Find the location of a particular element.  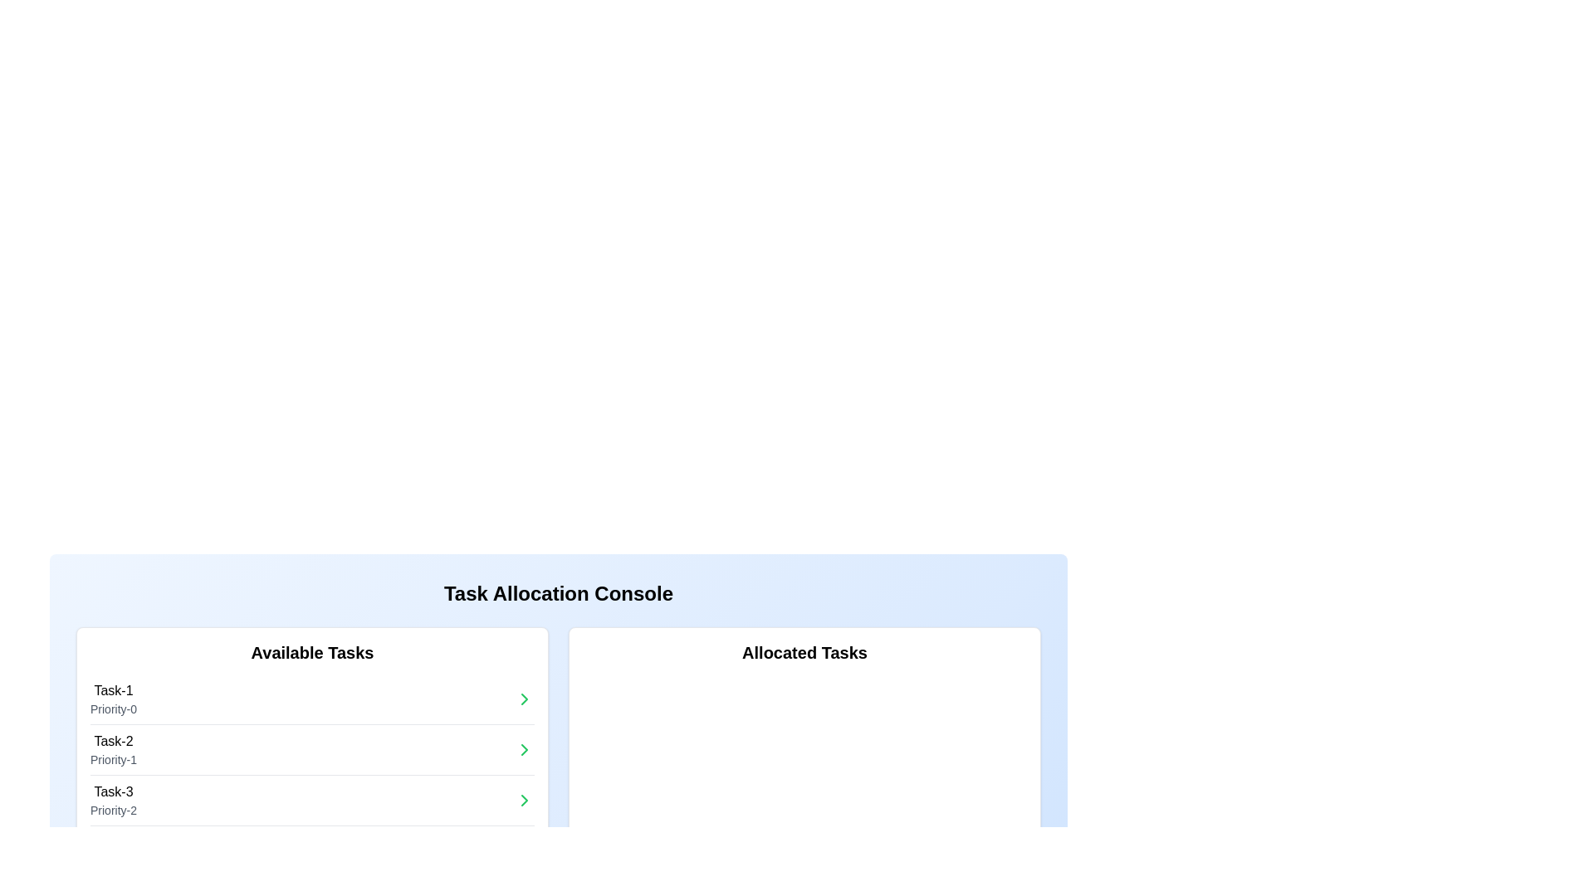

the text label displaying 'Priority-2', which is styled in a small gray font and located below 'Task-3' in the 'Available Tasks' list is located at coordinates (113, 809).